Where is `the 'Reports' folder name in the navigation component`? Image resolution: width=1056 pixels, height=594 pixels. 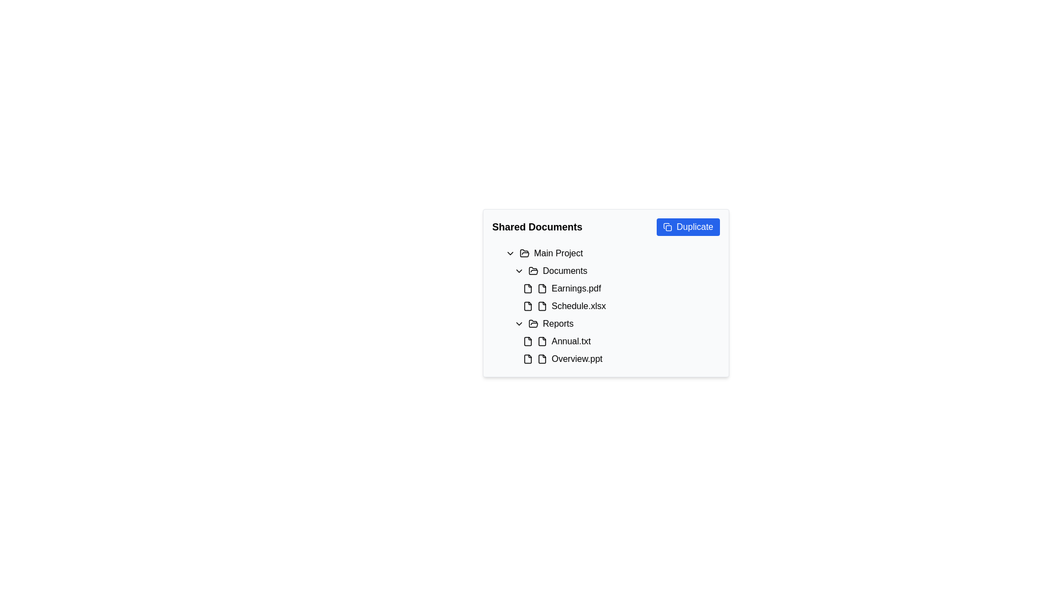
the 'Reports' folder name in the navigation component is located at coordinates (558, 323).